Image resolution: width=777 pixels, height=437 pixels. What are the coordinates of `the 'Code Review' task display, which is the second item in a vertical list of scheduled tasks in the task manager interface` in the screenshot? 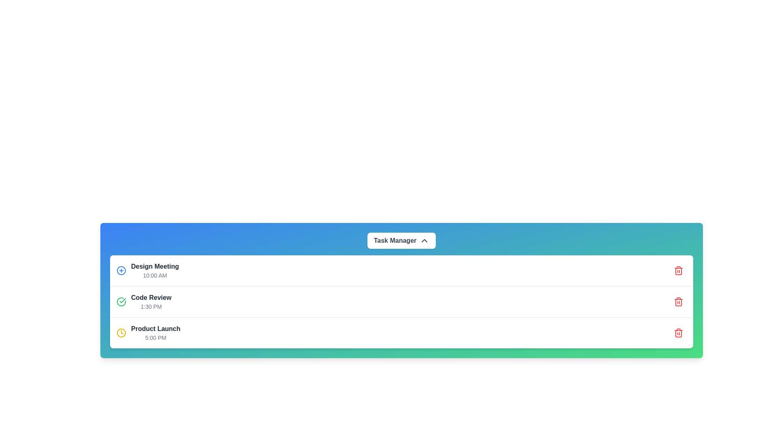 It's located at (151, 301).